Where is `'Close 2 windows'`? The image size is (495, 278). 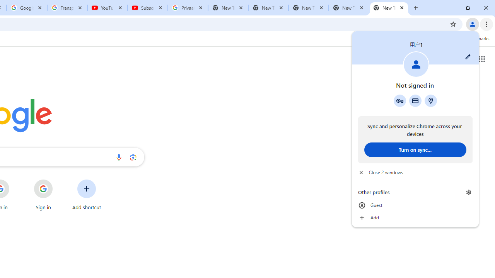 'Close 2 windows' is located at coordinates (415, 172).